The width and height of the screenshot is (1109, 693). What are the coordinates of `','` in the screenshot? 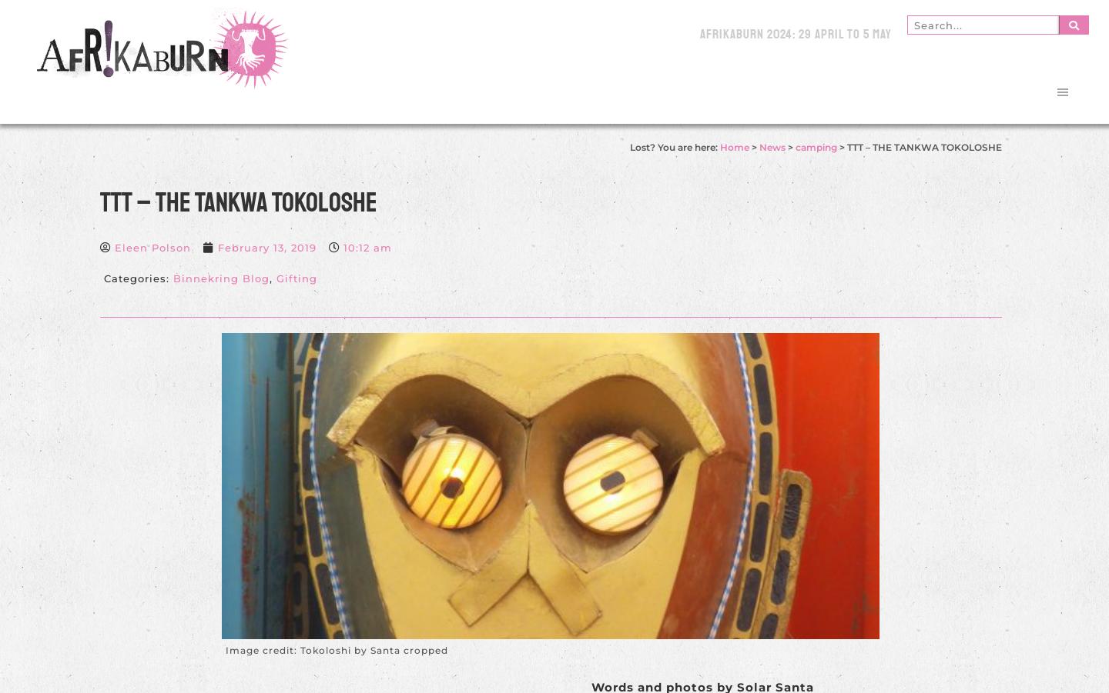 It's located at (272, 278).